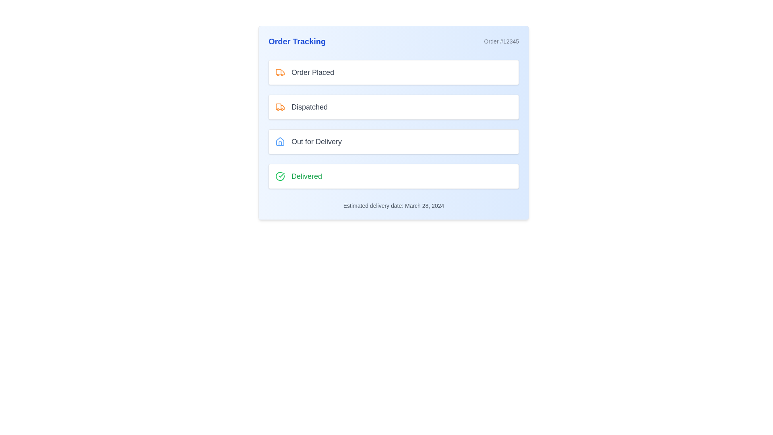  I want to click on the upper left curved part of the orange truck icon, which is located to the left of the 'Order Placed' label in the topmost status box of the tracking interface, so click(278, 106).